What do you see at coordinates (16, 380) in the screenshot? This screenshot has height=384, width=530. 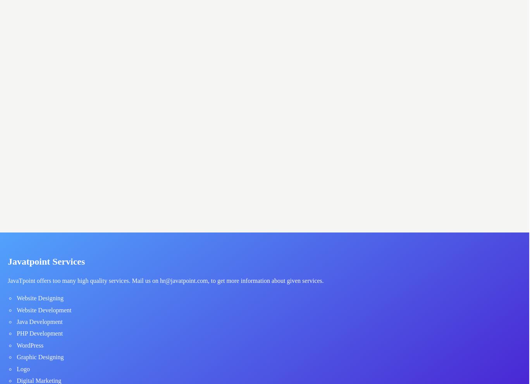 I see `'Digital Marketing'` at bounding box center [16, 380].